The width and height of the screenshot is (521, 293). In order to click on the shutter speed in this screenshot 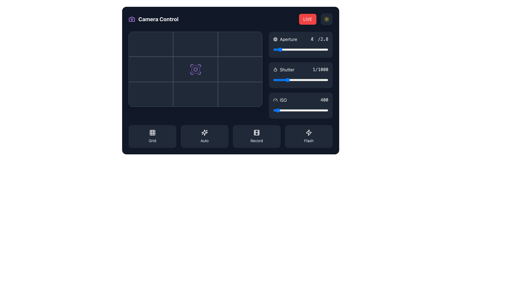, I will do `click(302, 80)`.